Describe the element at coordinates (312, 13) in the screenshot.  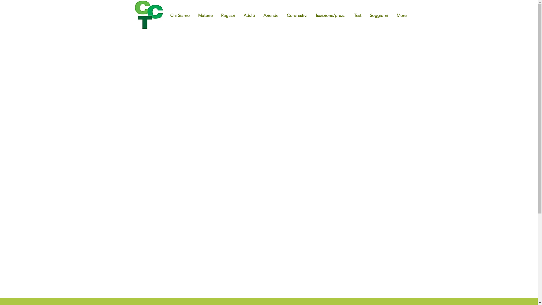
I see `'Iscrizione/prezzi'` at that location.